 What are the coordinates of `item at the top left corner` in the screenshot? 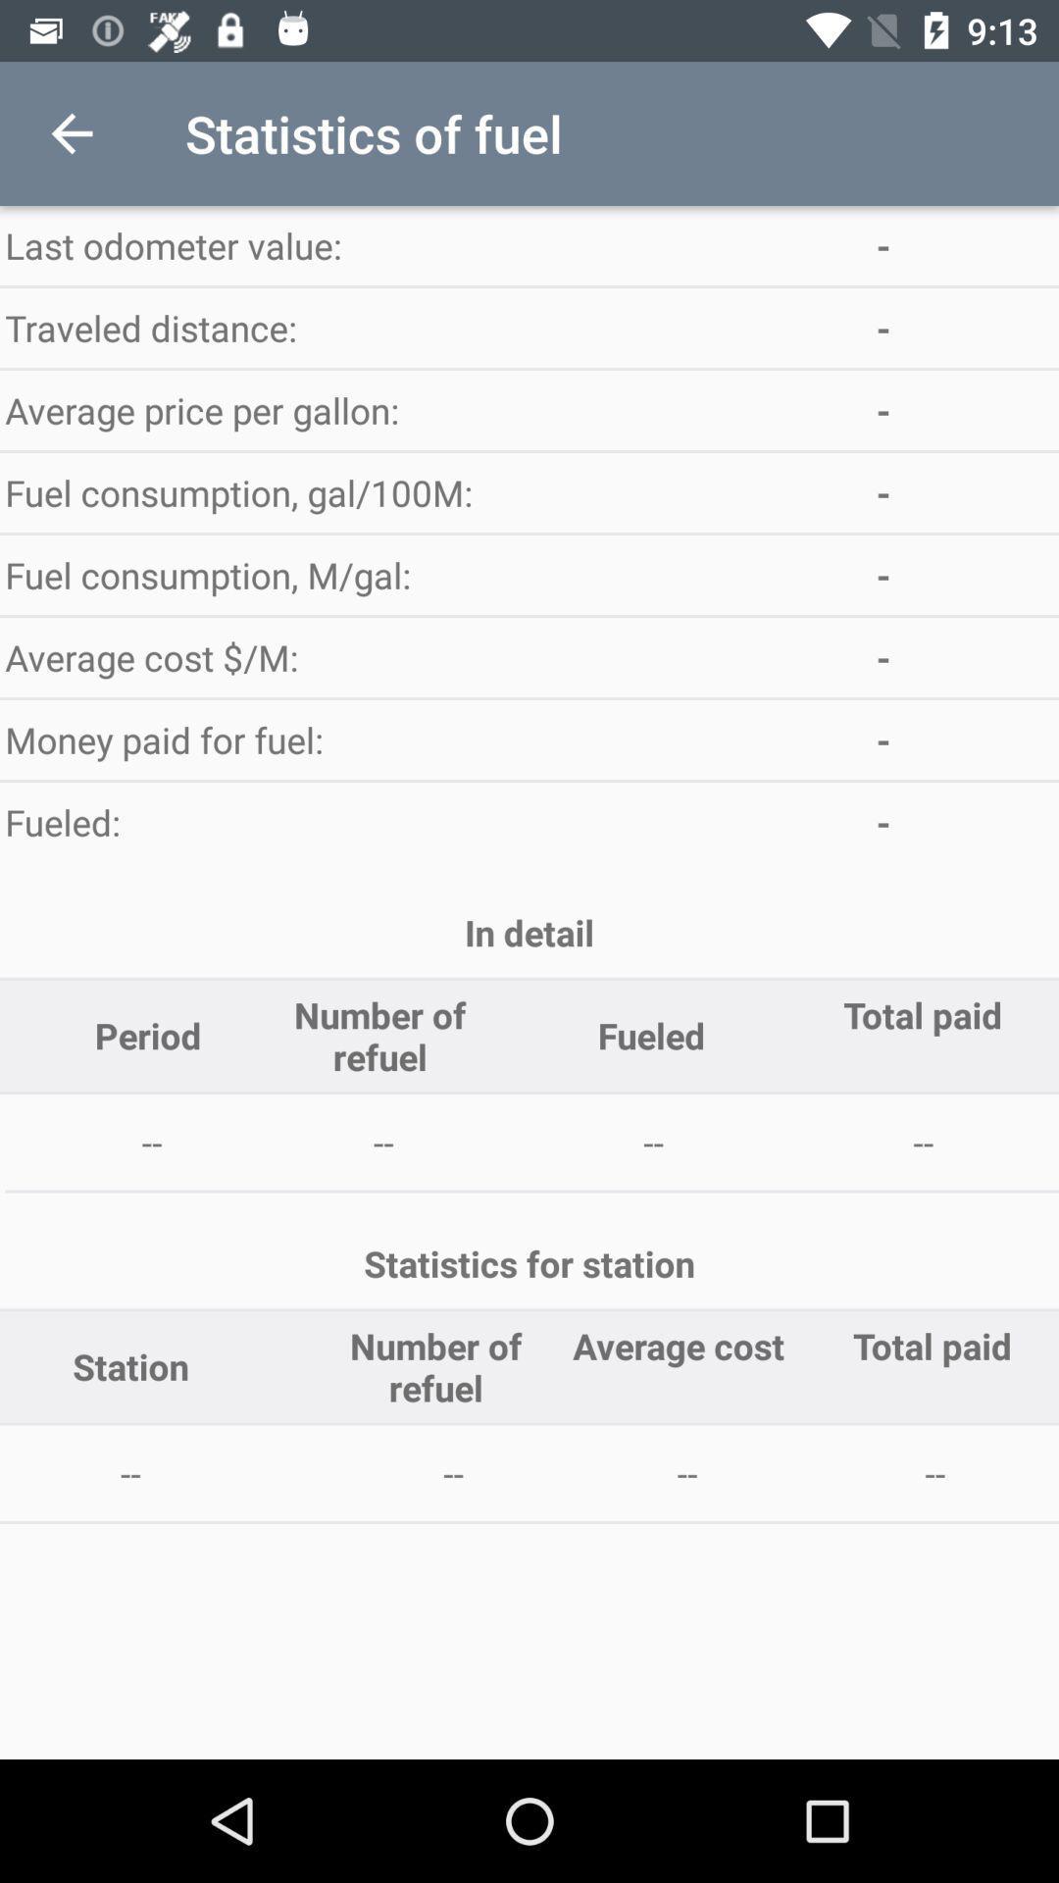 It's located at (71, 132).